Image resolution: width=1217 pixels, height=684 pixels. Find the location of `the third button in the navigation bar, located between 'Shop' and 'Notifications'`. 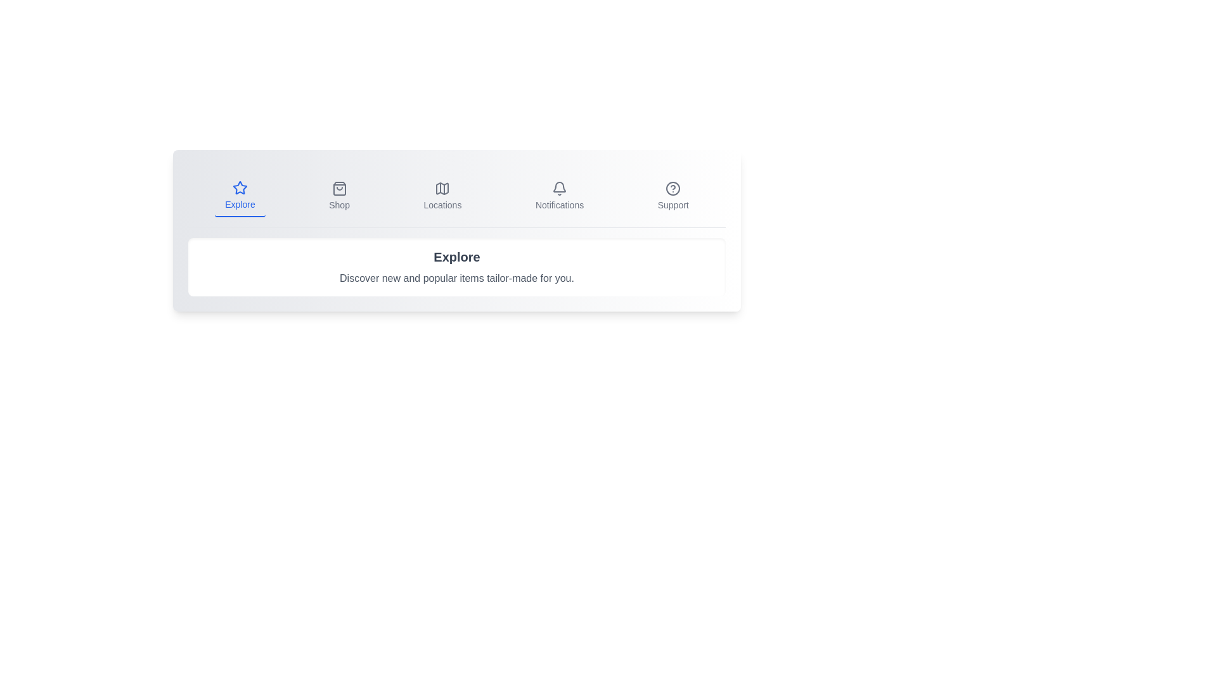

the third button in the navigation bar, located between 'Shop' and 'Notifications' is located at coordinates (442, 196).